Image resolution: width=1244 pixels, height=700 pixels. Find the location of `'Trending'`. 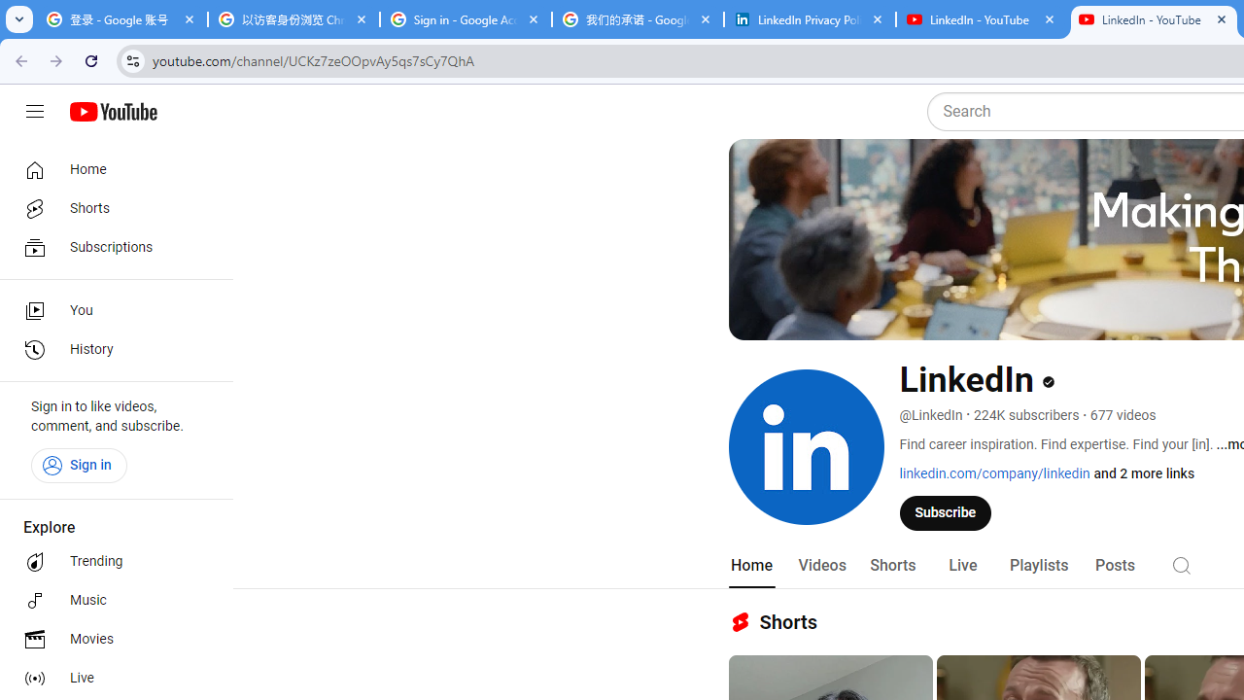

'Trending' is located at coordinates (109, 562).